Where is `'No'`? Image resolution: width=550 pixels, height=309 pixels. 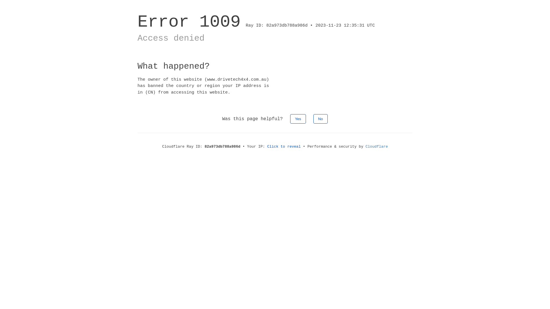 'No' is located at coordinates (320, 118).